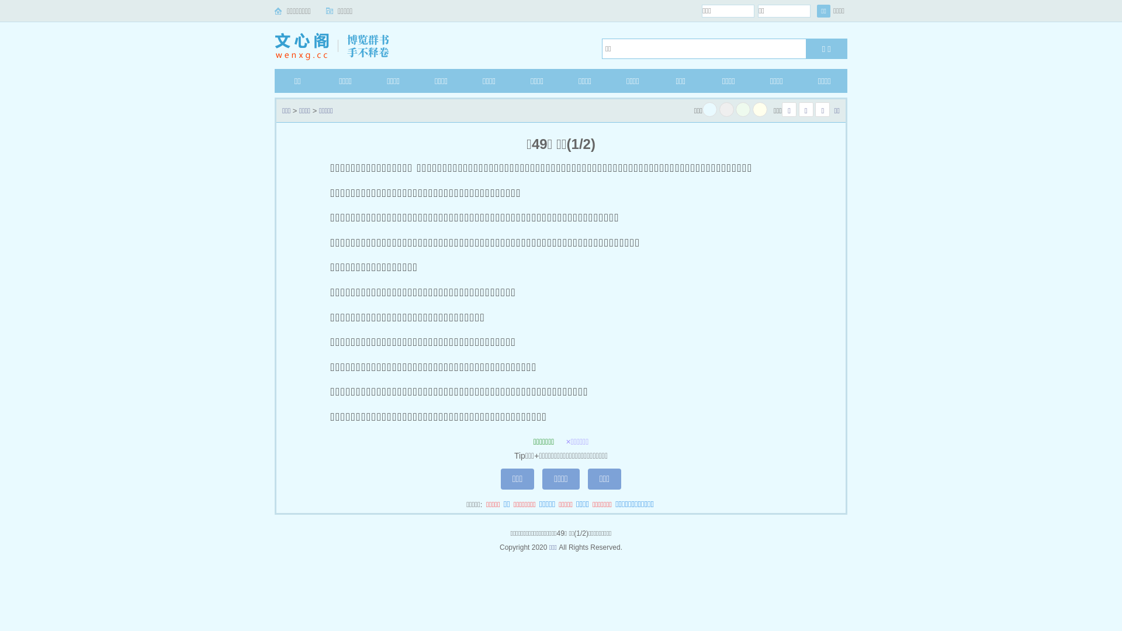  Describe the element at coordinates (709, 109) in the screenshot. I see `'  '` at that location.